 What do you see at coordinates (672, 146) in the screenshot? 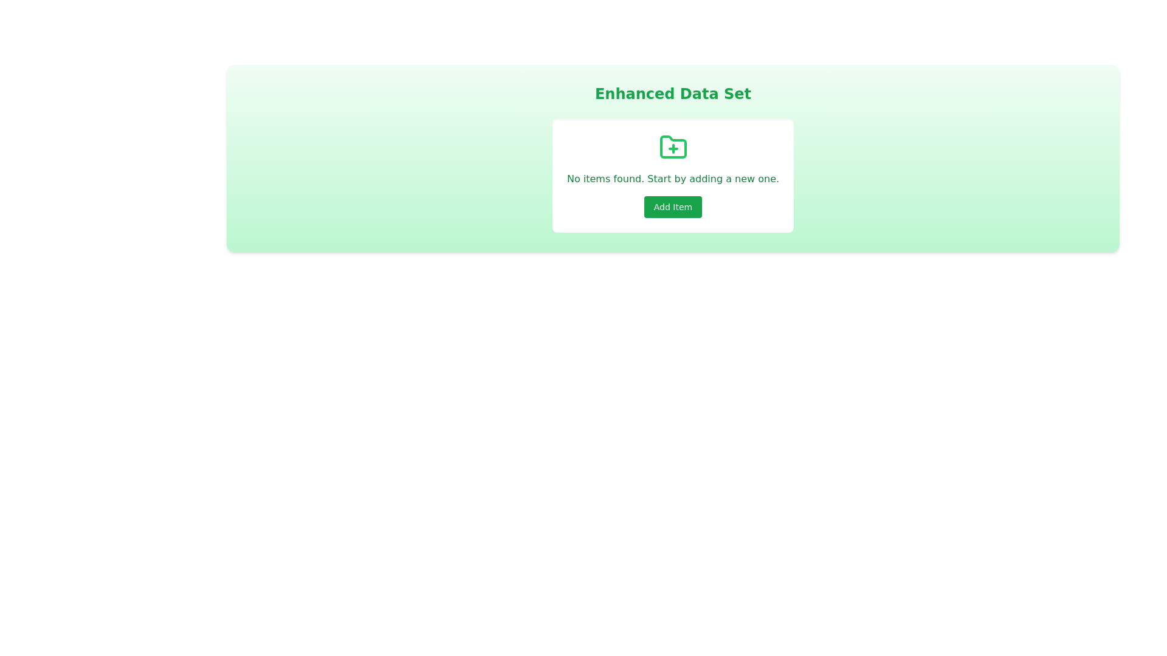
I see `the background folder icon with a plus sign, which is located at the center of the interface within a white rectangular area containing text and a button below it` at bounding box center [672, 146].